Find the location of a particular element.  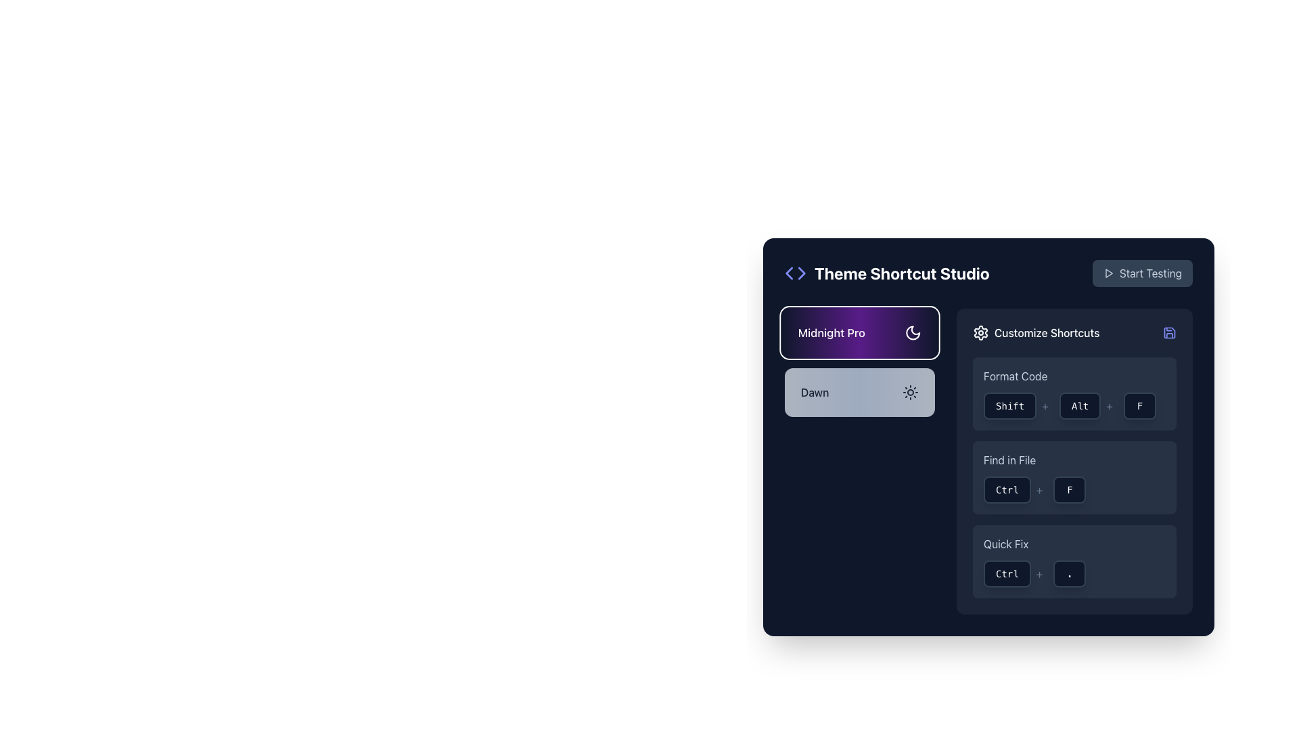

the 'Dawn' theme icon located to the right of the text 'Dawn', which is the second item in the horizontal layout of themes is located at coordinates (910, 392).